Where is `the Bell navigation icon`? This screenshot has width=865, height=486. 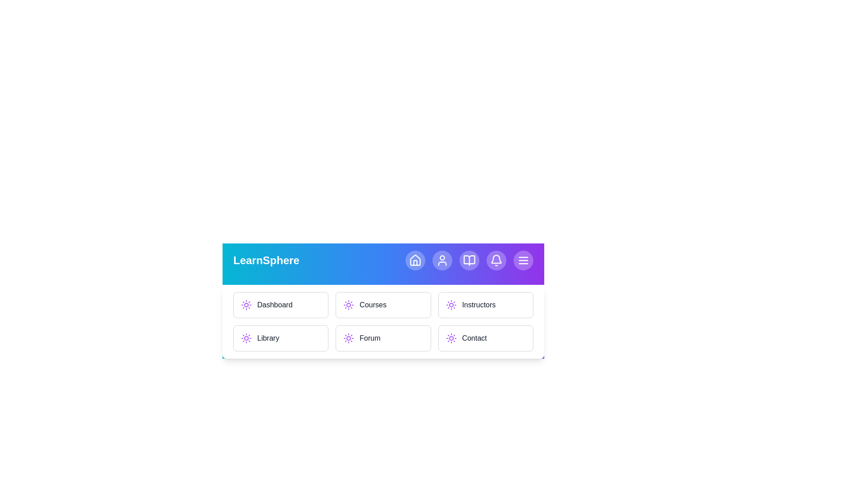 the Bell navigation icon is located at coordinates (496, 260).